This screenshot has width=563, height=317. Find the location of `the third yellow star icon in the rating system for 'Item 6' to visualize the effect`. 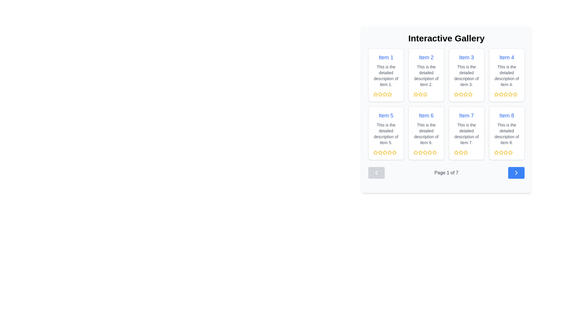

the third yellow star icon in the rating system for 'Item 6' to visualize the effect is located at coordinates (435, 152).